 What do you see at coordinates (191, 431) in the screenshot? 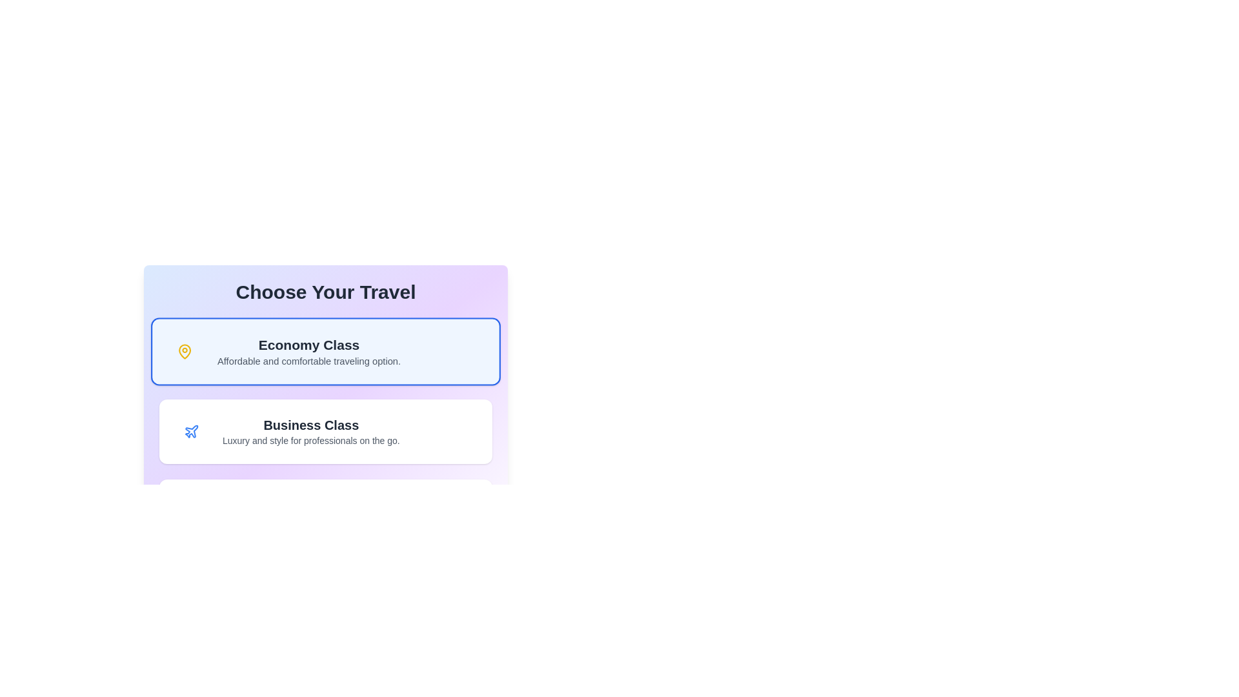
I see `the Business Class icon located in the 'Choose Your Travel' section` at bounding box center [191, 431].